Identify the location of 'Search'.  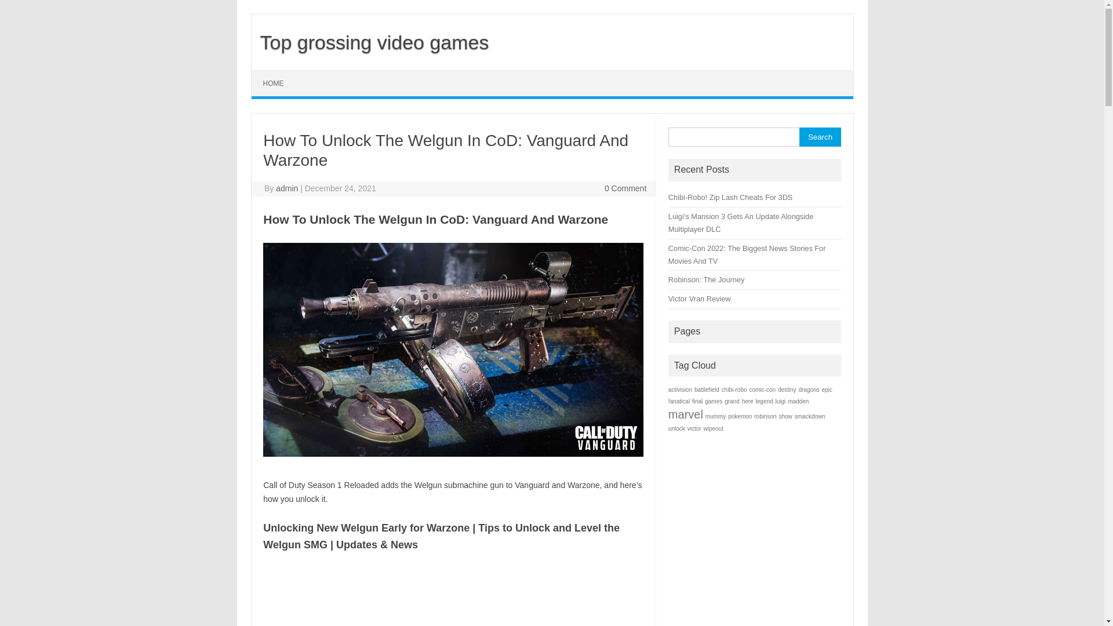
(819, 136).